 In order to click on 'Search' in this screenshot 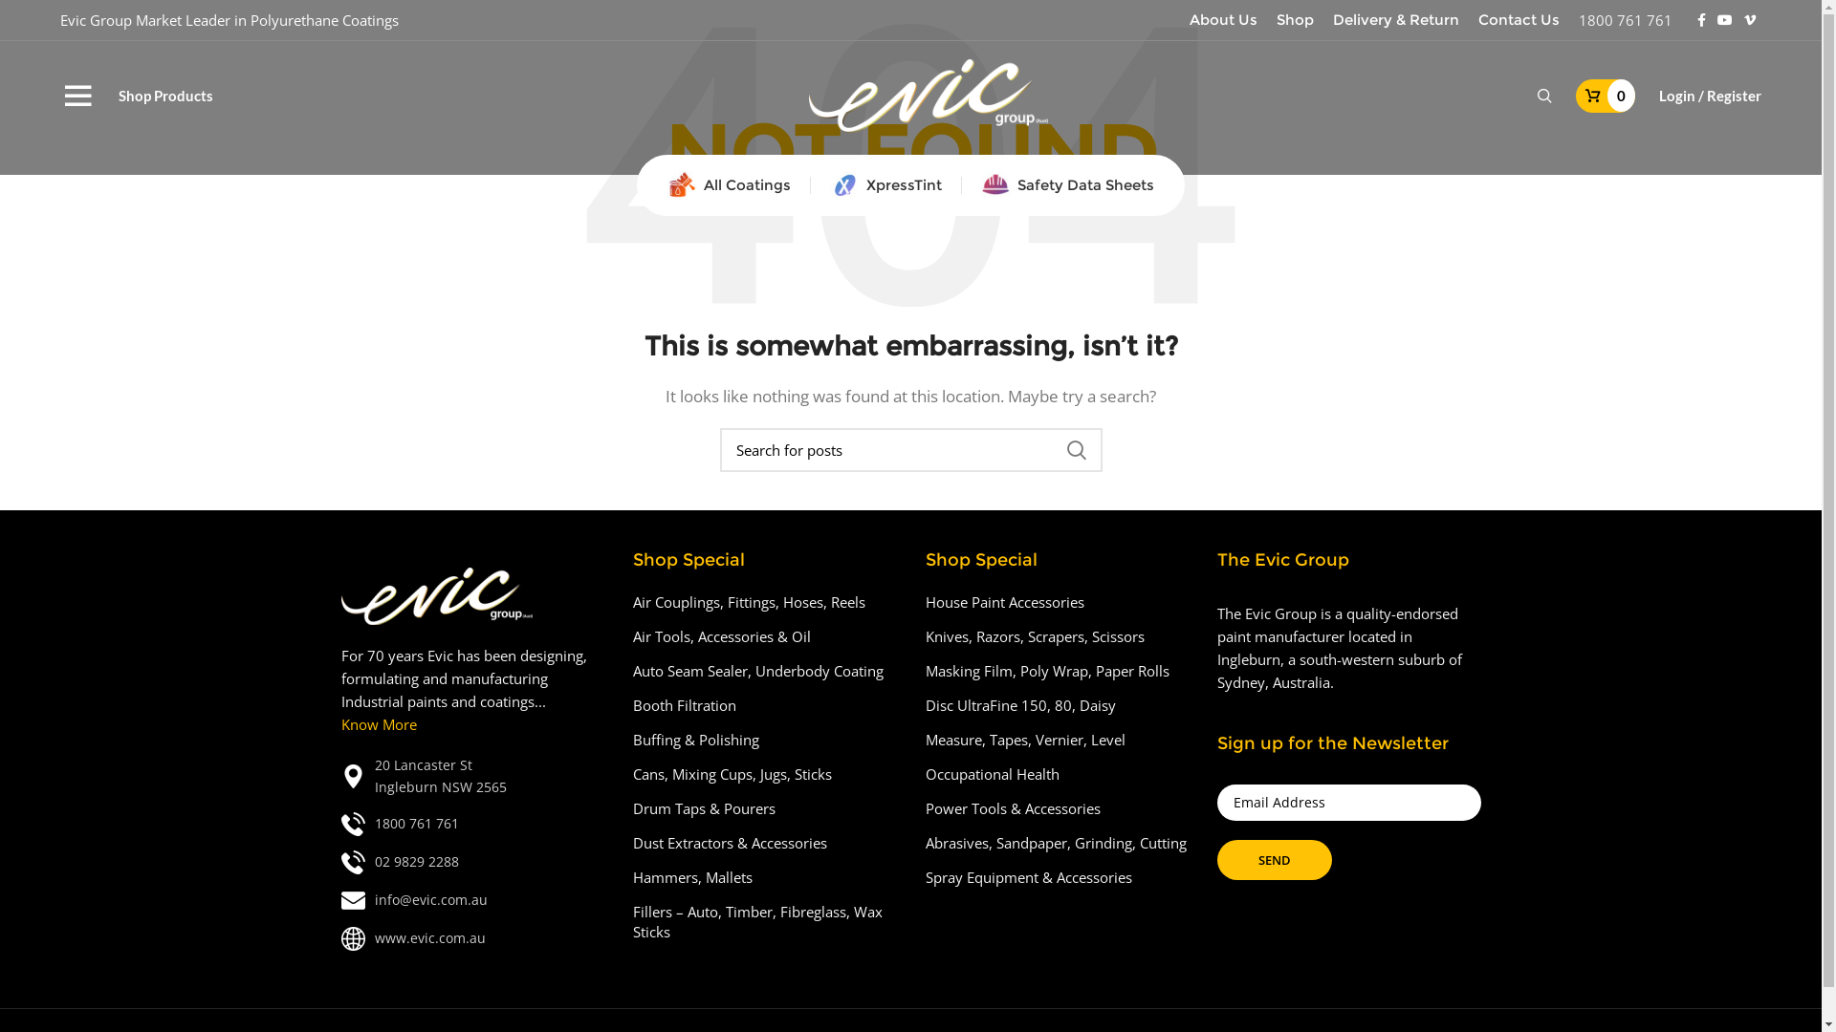, I will do `click(1544, 96)`.